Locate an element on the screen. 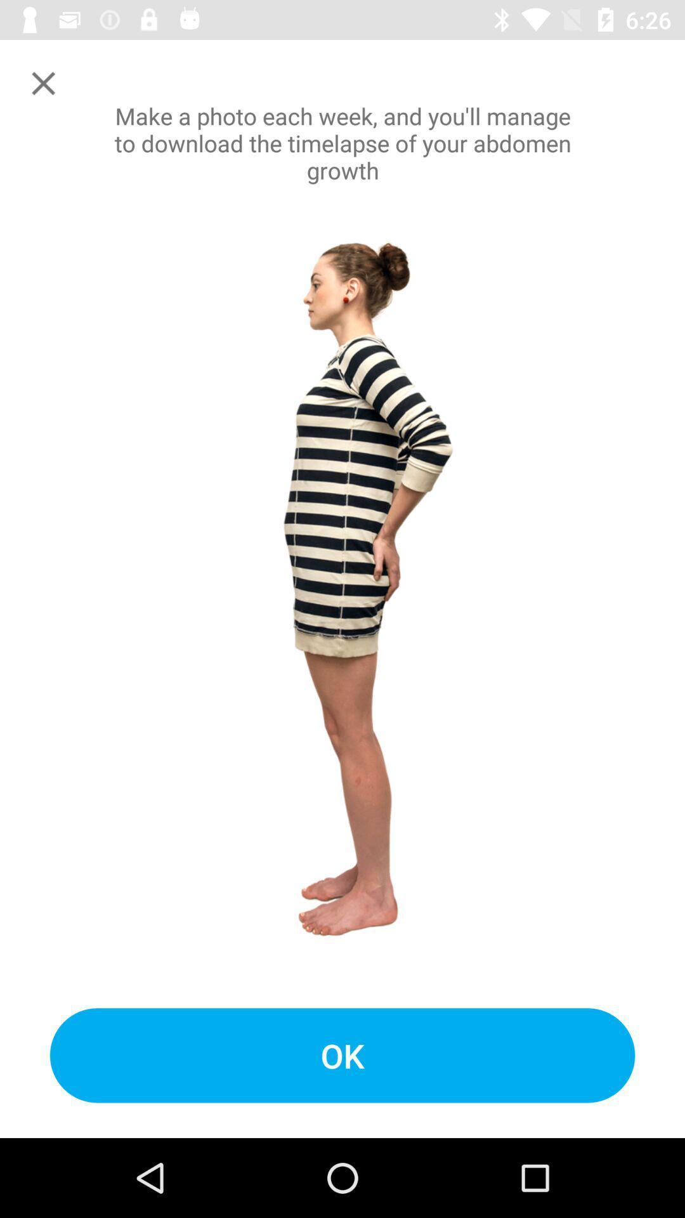  exit button is located at coordinates (42, 82).